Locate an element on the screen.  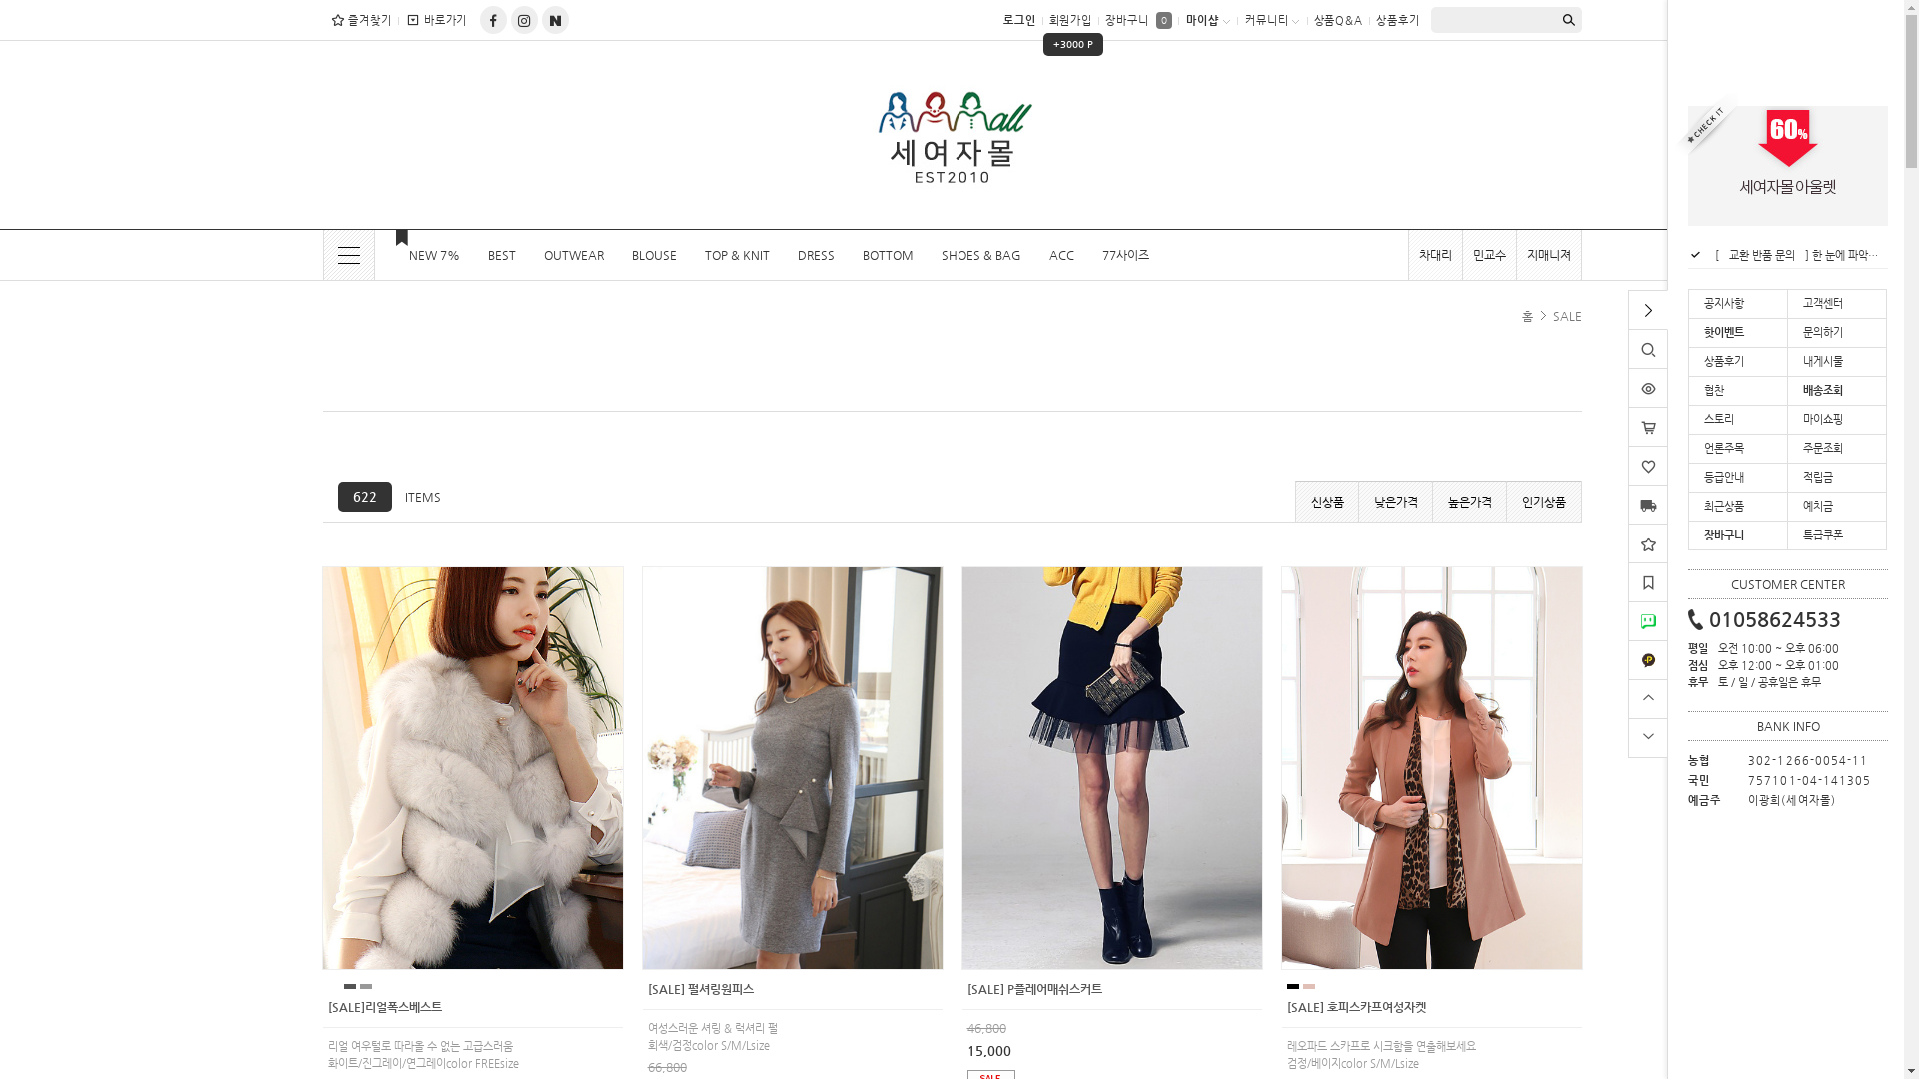
'SHOES & BAG' is located at coordinates (926, 253).